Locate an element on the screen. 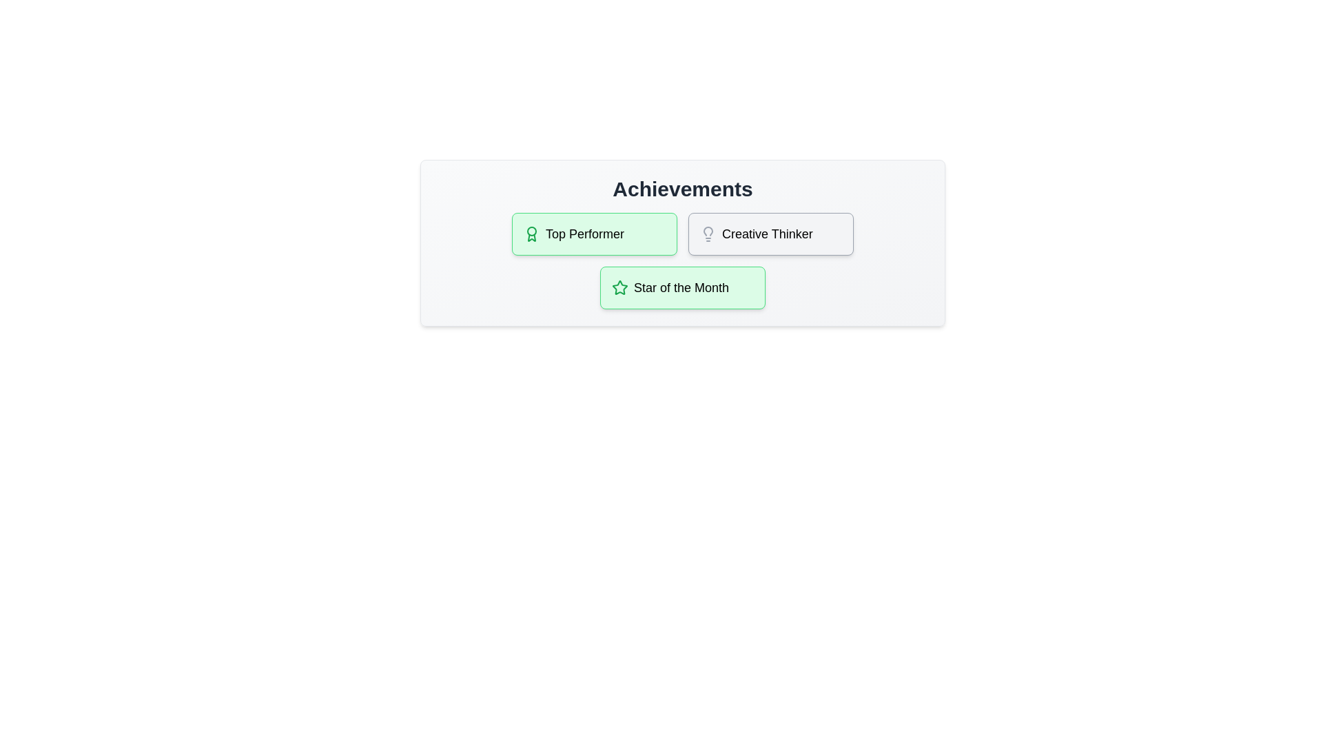 This screenshot has height=744, width=1323. the achievement titled Creative Thinker to view its details is located at coordinates (770, 233).